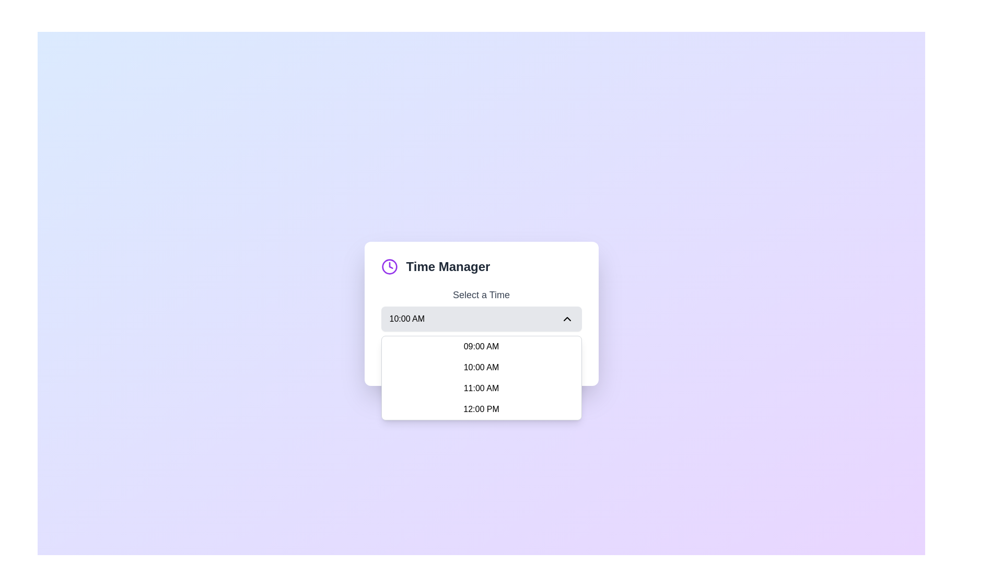 The height and width of the screenshot is (564, 1003). What do you see at coordinates (481, 309) in the screenshot?
I see `a time option from the dropdown menu labeled 'Select a Time', which is located above the displayed time and below the label in the 'Time Manager' card` at bounding box center [481, 309].